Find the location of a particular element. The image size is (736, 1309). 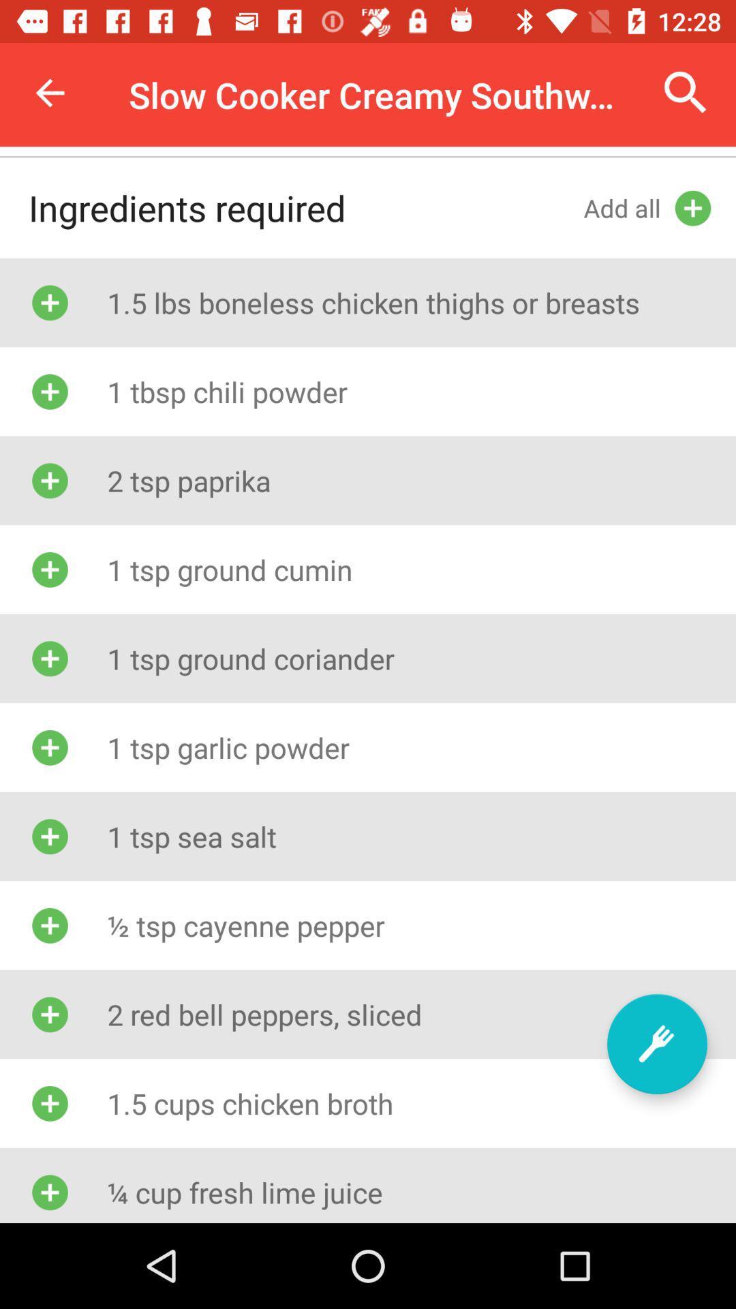

recipe is located at coordinates (656, 1043).